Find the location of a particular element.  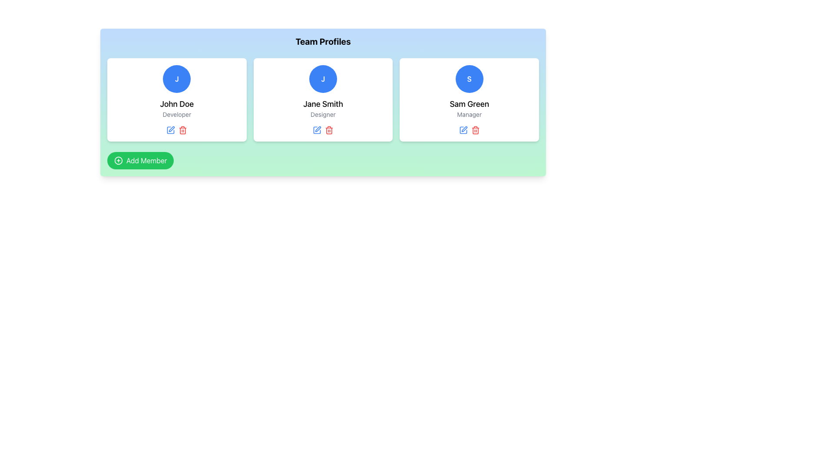

the textual content displaying 'Sam Green' and 'Manager' within the third profile card in the 'Team Profiles' grid is located at coordinates (469, 108).